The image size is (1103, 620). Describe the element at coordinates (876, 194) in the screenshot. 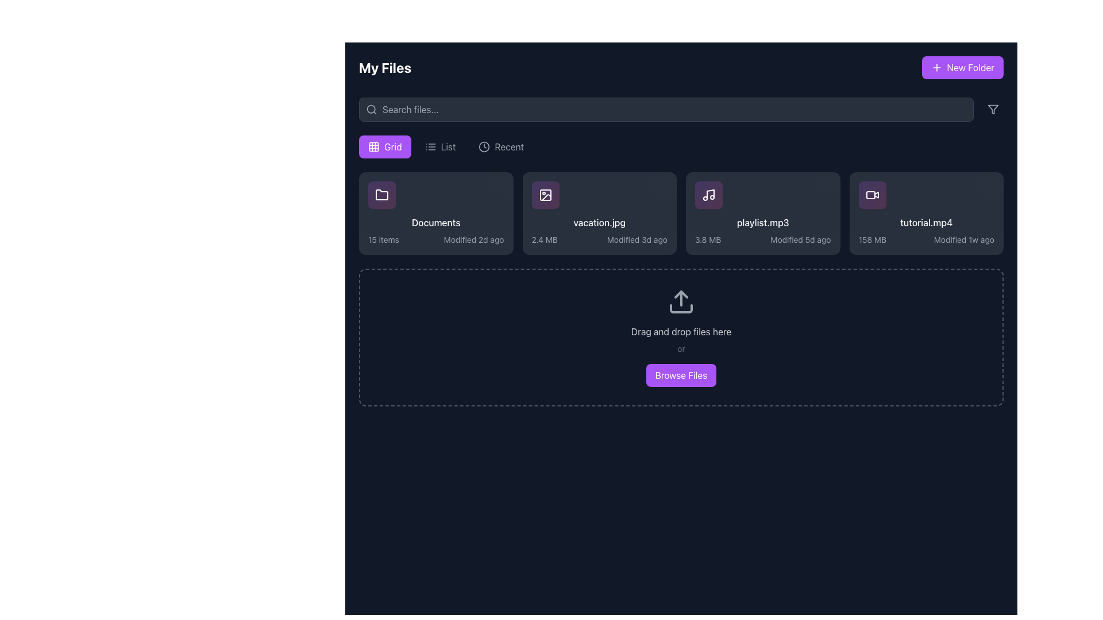

I see `the play icon within the video representation of the 'tutorial.mp4' file, which is a small triangular shape with a red hue, located on the rightmost side of the grid row of files` at that location.